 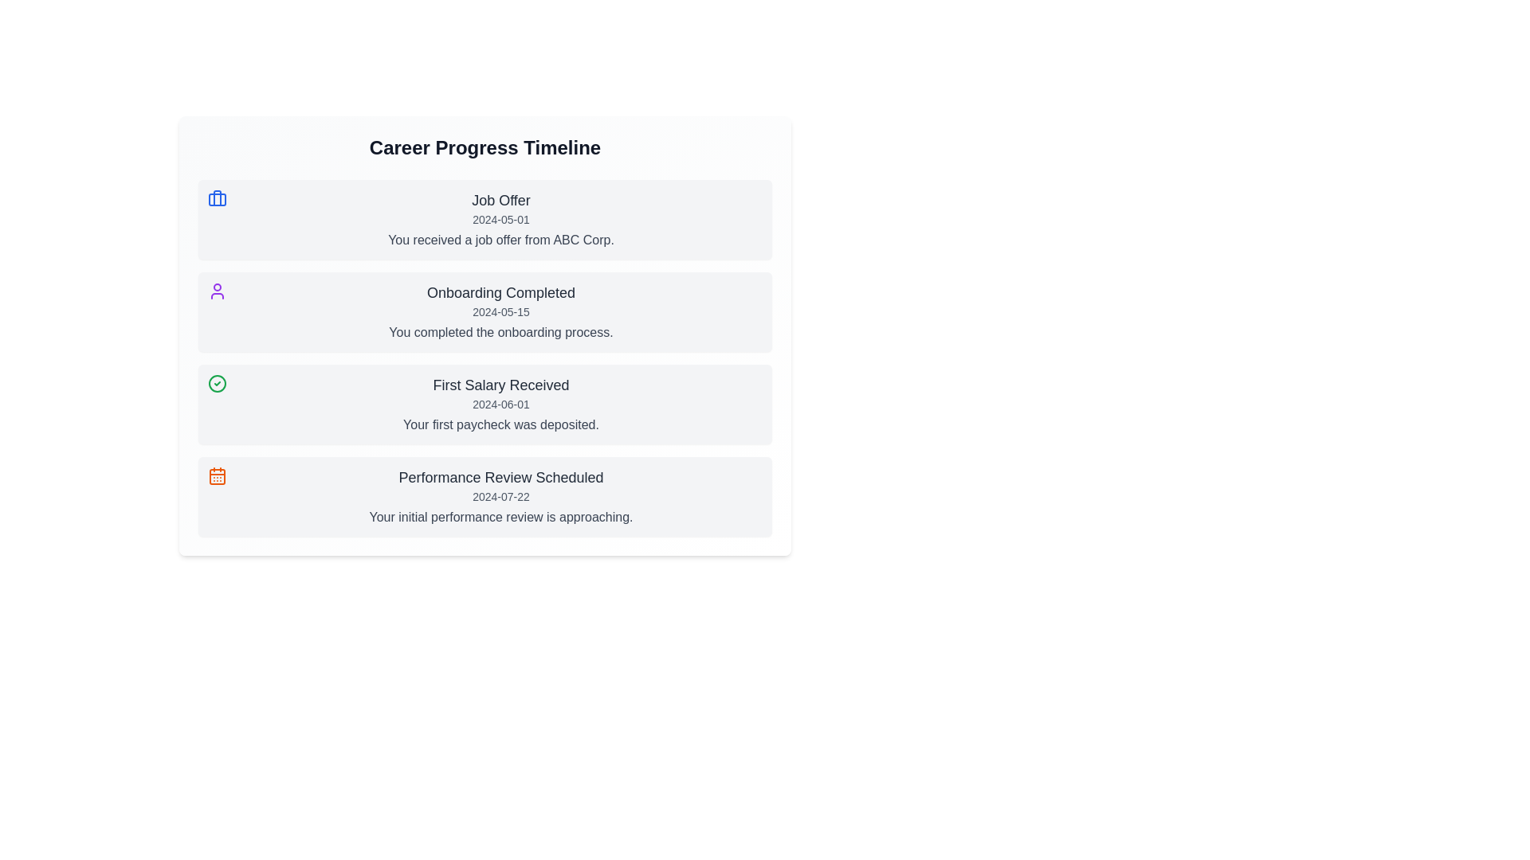 What do you see at coordinates (217, 197) in the screenshot?
I see `the blue vertical line icon that is part of the SVG graphic located to the left of the 'Job Offer' text in the 'Career Progress Timeline' section` at bounding box center [217, 197].